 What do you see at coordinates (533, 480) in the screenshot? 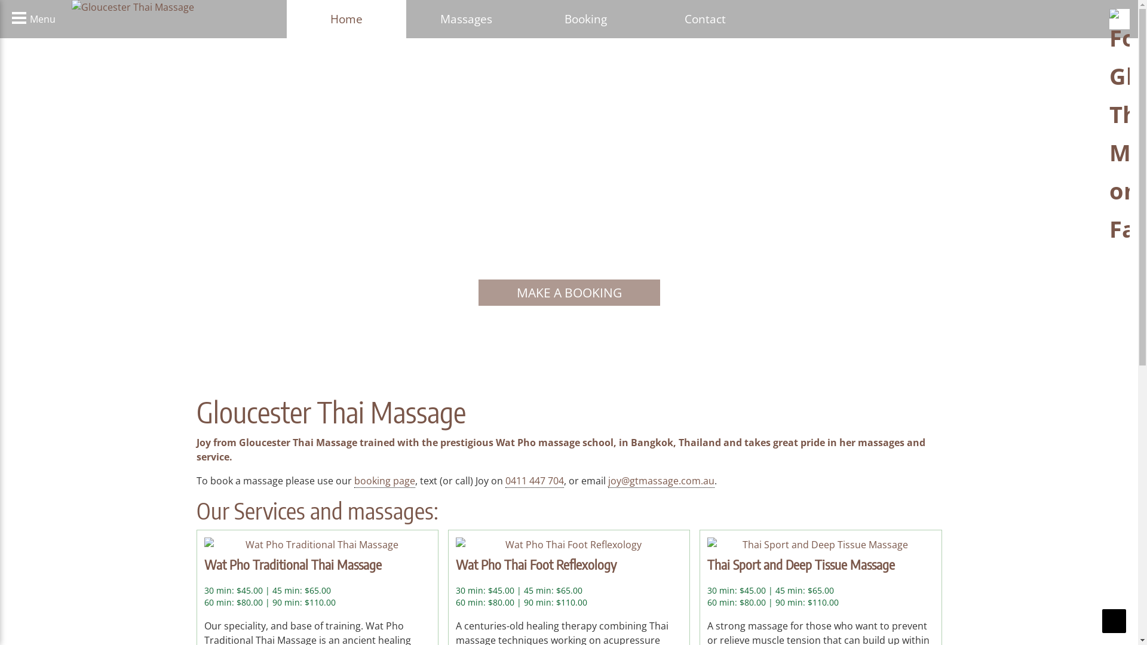
I see `'0411 447 704'` at bounding box center [533, 480].